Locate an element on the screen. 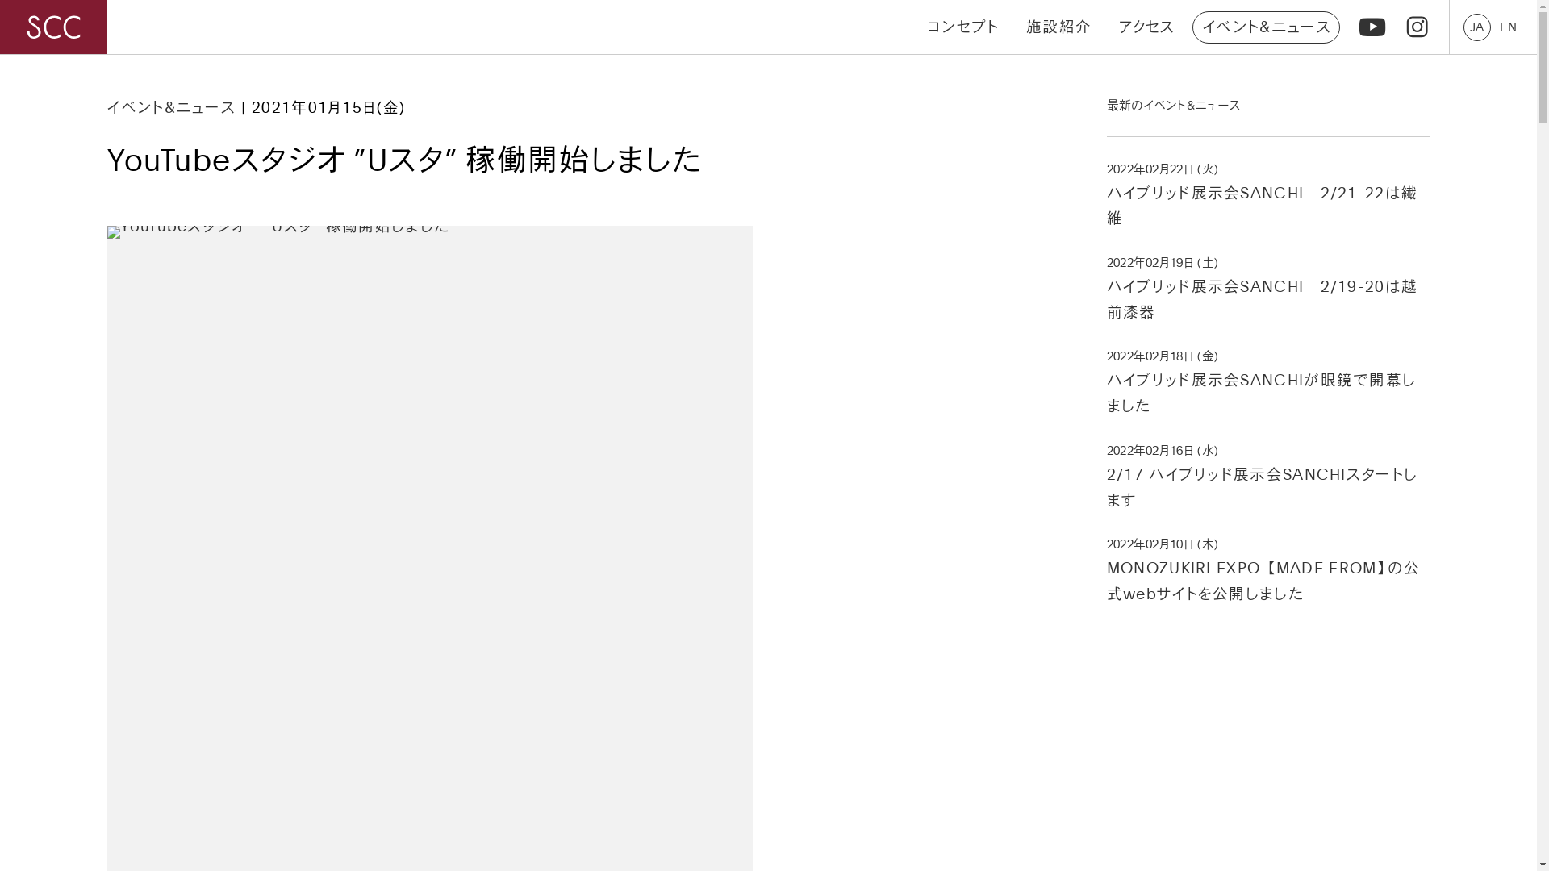  'JA' is located at coordinates (1476, 27).